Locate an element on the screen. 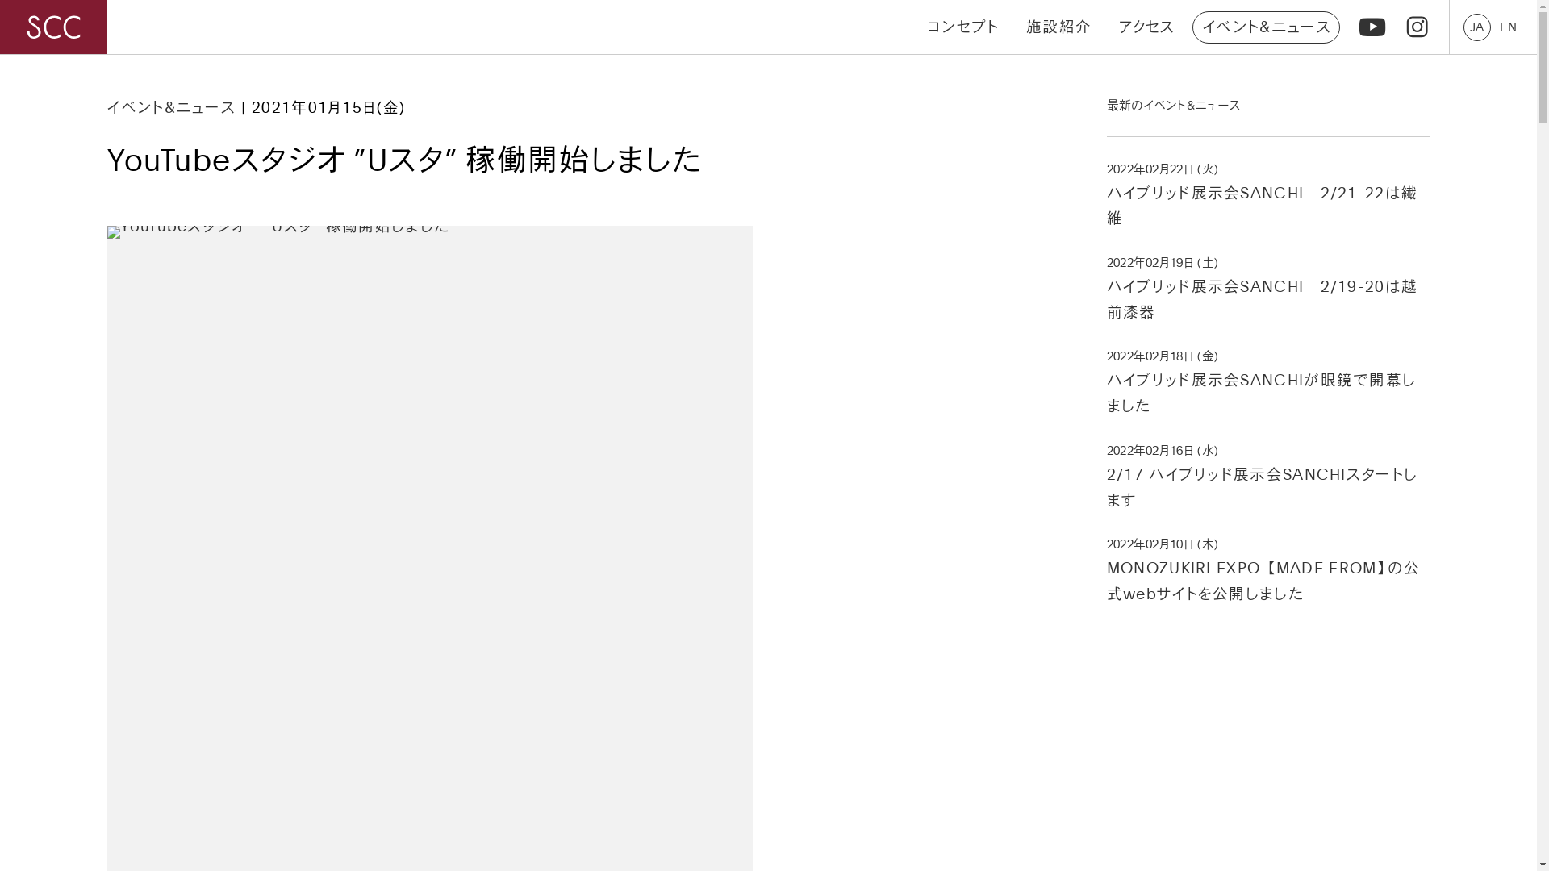  'JA' is located at coordinates (1476, 27).